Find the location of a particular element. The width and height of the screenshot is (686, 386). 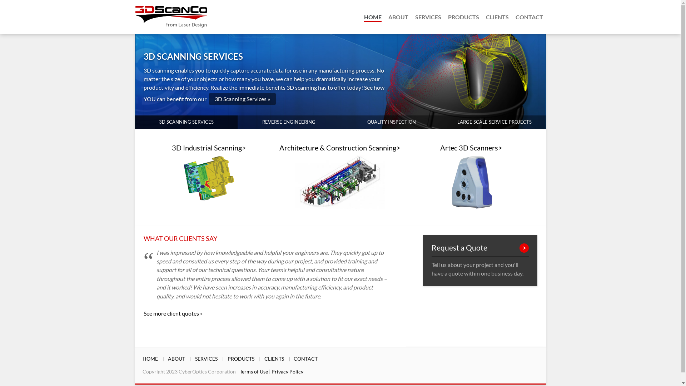

'ABOUT' is located at coordinates (177, 358).